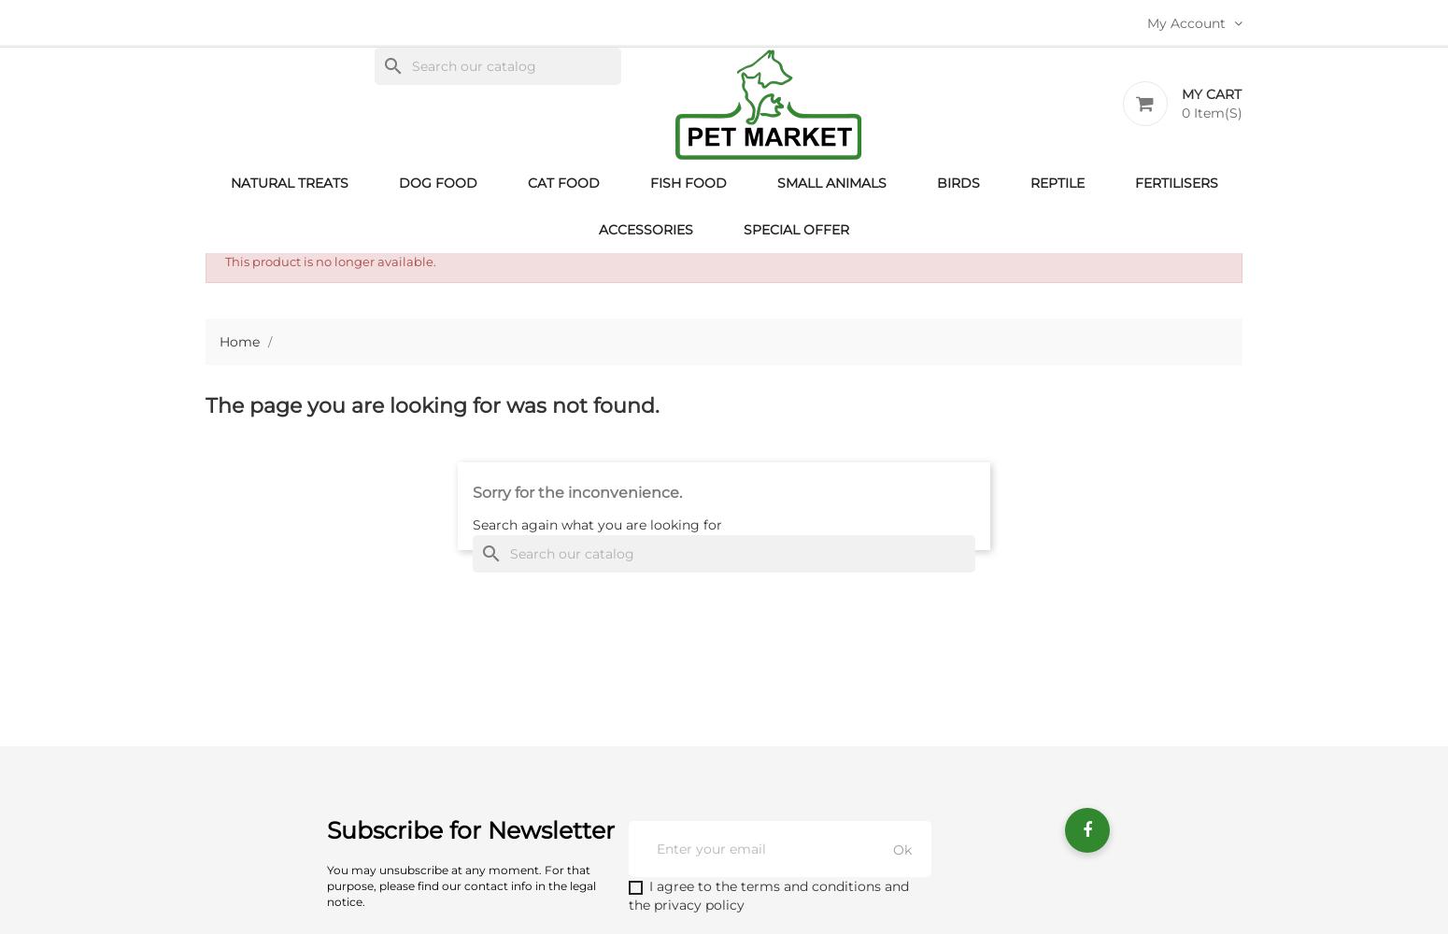  Describe the element at coordinates (645, 229) in the screenshot. I see `'Accessories'` at that location.